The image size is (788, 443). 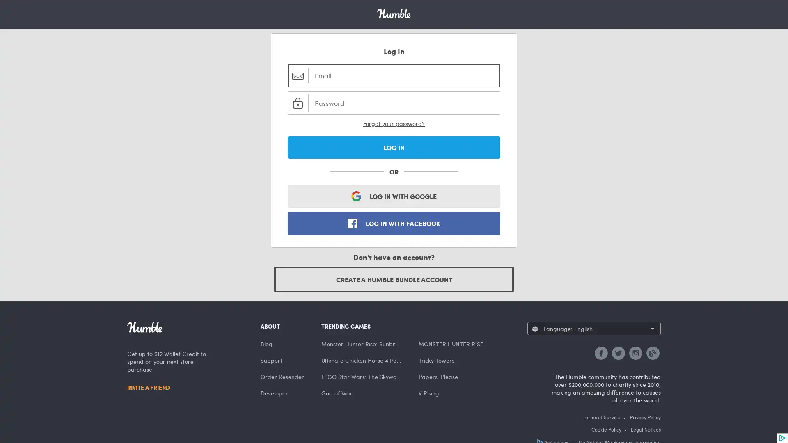 What do you see at coordinates (544, 404) in the screenshot?
I see `Italiano` at bounding box center [544, 404].